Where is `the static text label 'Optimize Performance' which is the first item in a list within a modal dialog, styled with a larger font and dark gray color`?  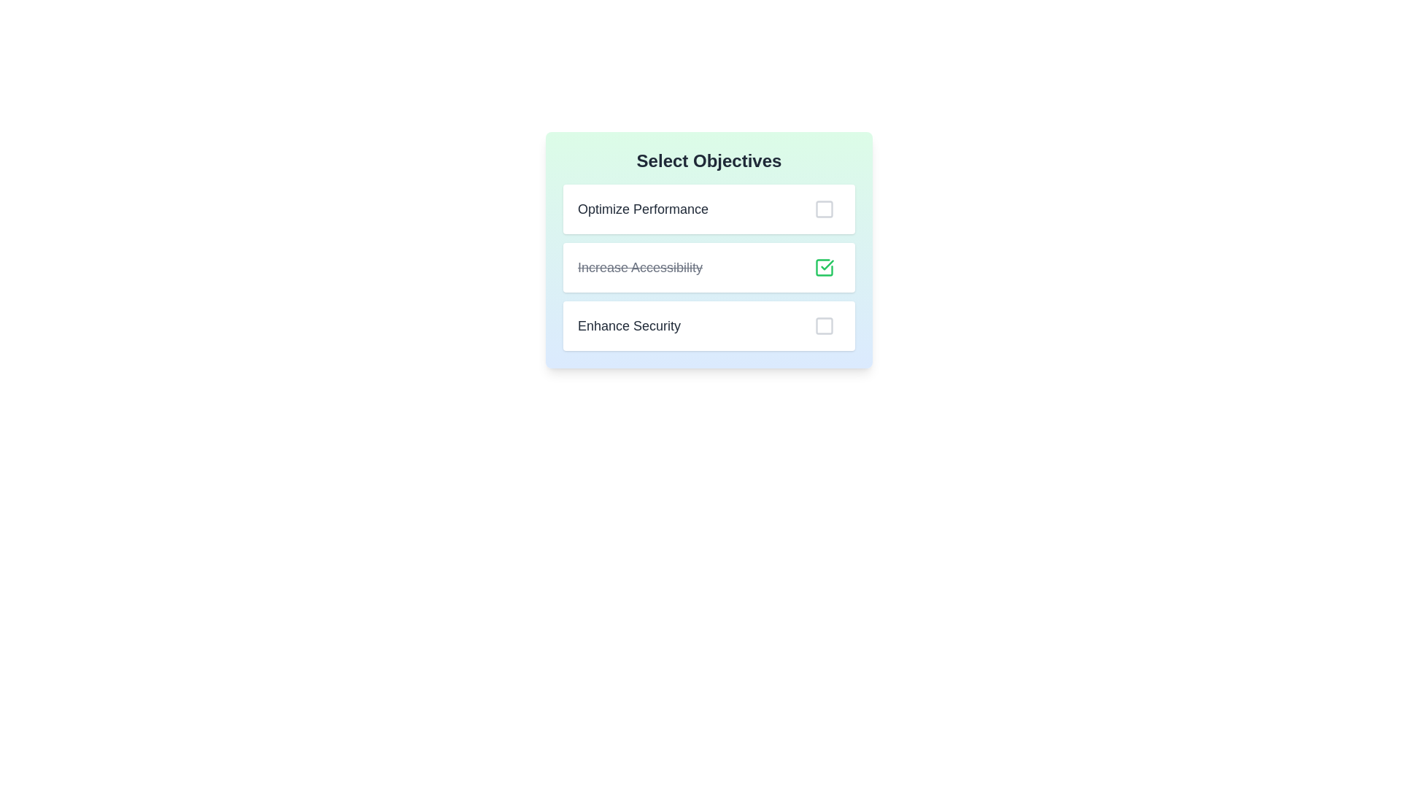 the static text label 'Optimize Performance' which is the first item in a list within a modal dialog, styled with a larger font and dark gray color is located at coordinates (642, 209).